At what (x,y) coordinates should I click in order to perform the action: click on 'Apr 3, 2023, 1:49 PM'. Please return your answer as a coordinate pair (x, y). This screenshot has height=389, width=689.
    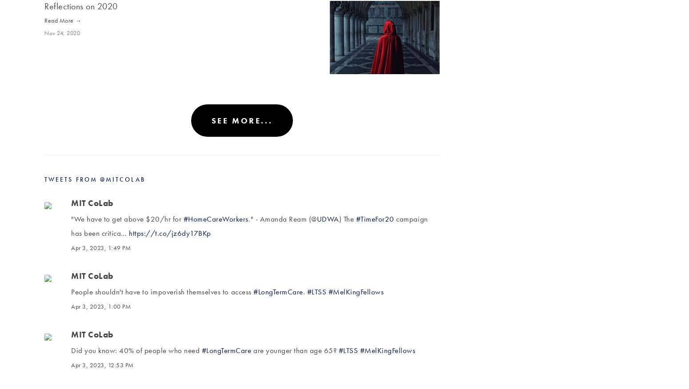
    Looking at the image, I should click on (100, 247).